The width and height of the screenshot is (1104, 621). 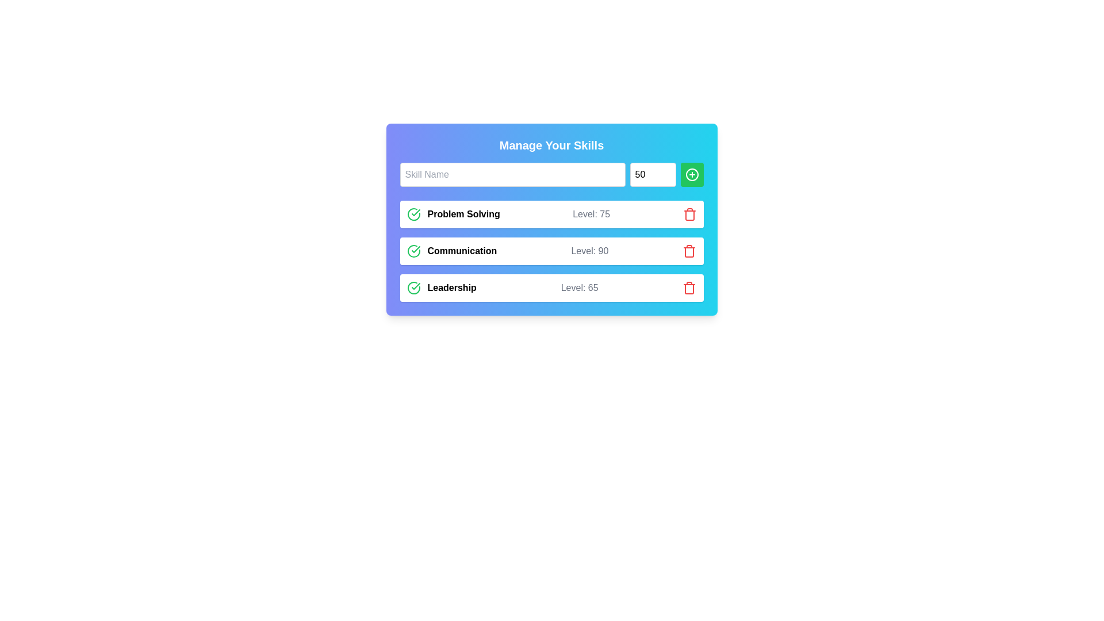 What do you see at coordinates (463, 214) in the screenshot?
I see `the label displaying 'Problem Solving'` at bounding box center [463, 214].